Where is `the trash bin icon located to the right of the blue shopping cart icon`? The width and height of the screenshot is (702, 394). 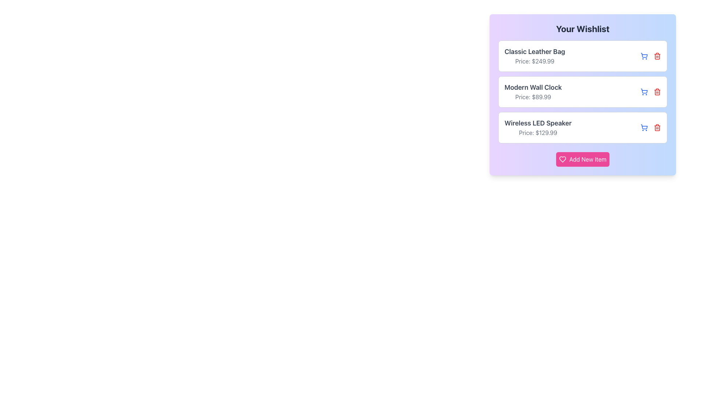 the trash bin icon located to the right of the blue shopping cart icon is located at coordinates (657, 91).